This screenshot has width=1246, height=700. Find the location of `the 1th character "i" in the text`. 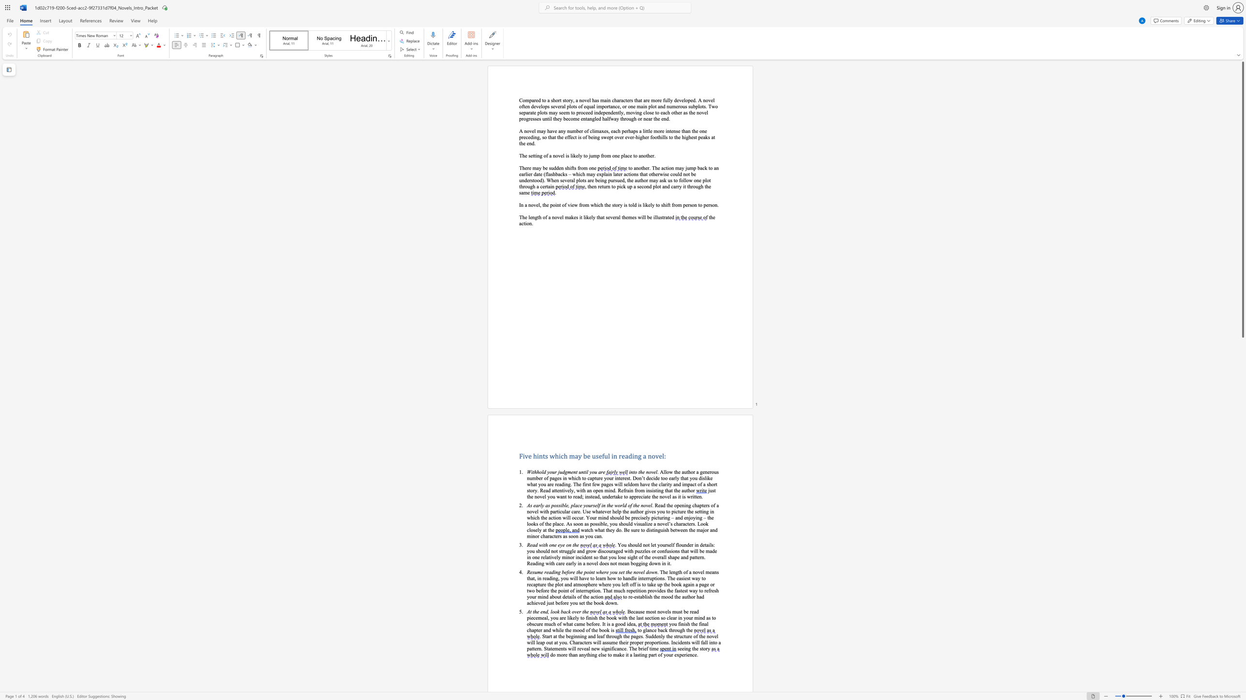

the 1th character "i" in the text is located at coordinates (701, 624).